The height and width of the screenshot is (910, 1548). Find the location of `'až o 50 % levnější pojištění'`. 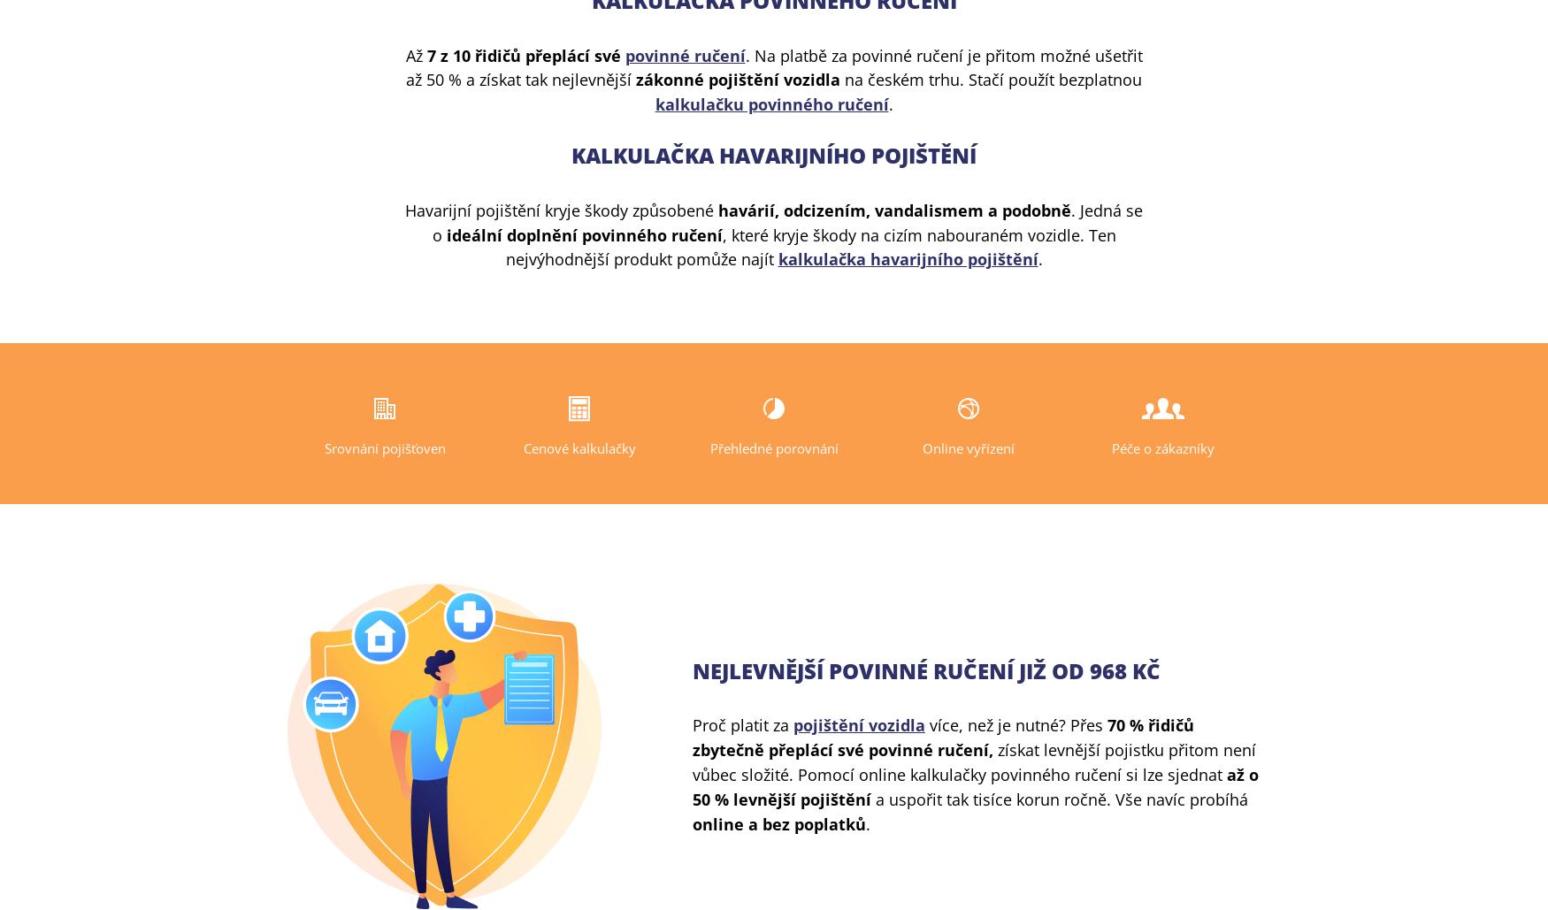

'až o 50 % levnější pojištění' is located at coordinates (976, 785).